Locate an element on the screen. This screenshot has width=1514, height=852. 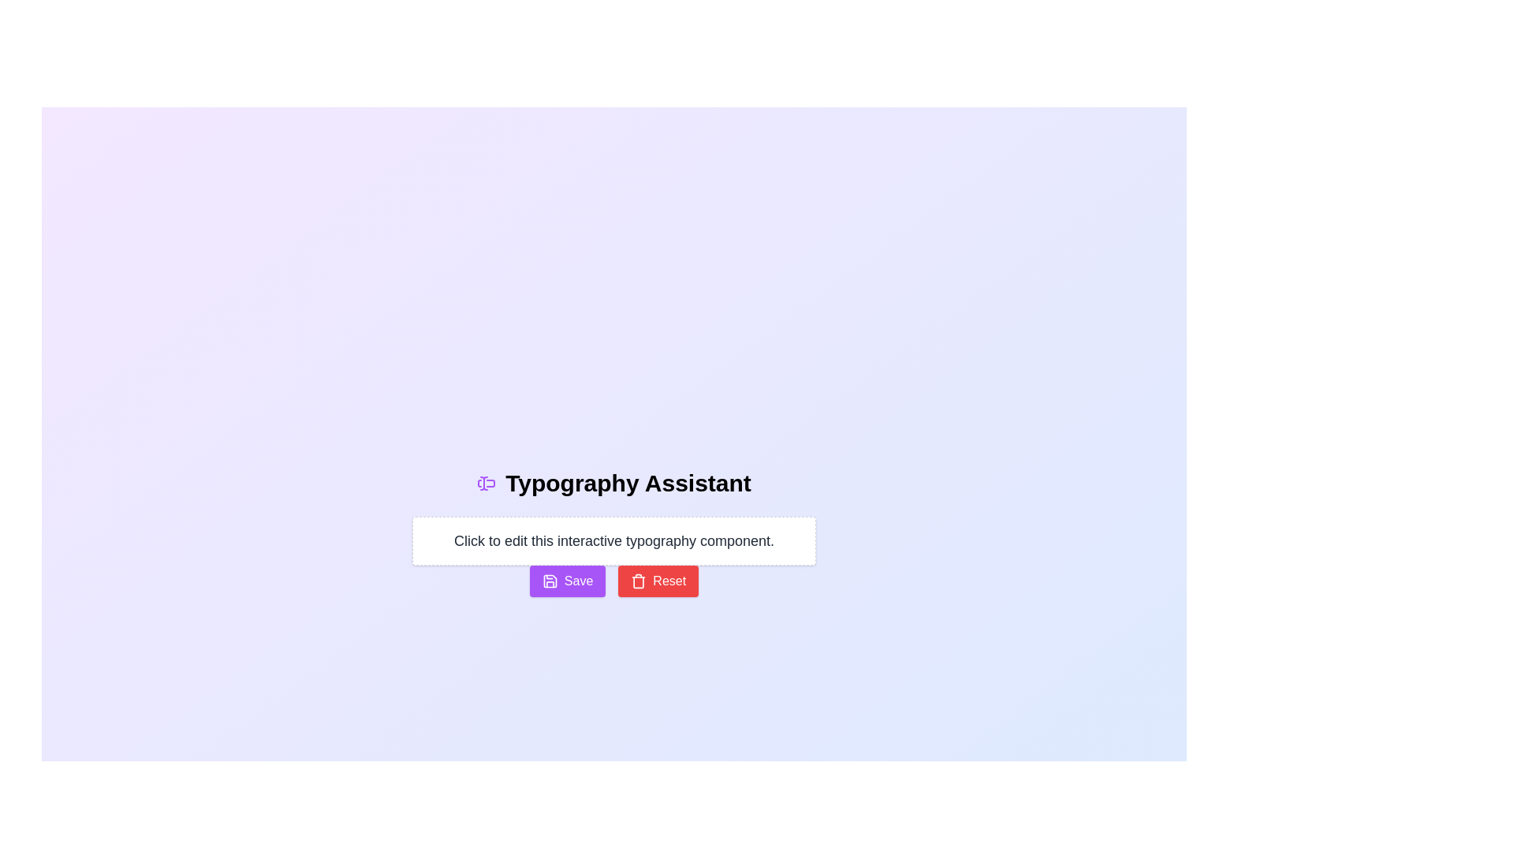
the purple abstract text cursor icon located to the left of the 'Typography Assistant' text in the header section is located at coordinates (486, 483).